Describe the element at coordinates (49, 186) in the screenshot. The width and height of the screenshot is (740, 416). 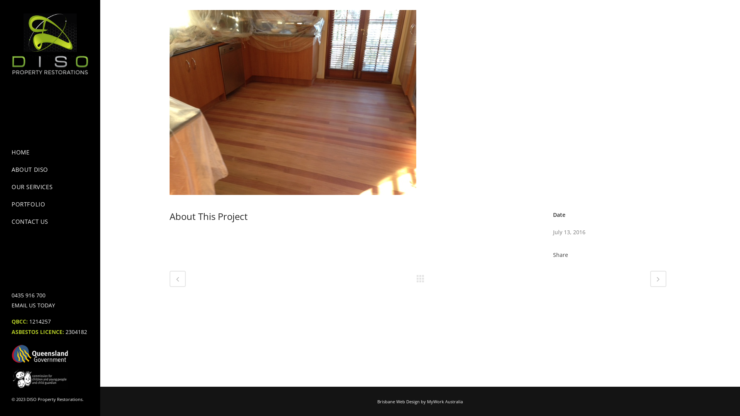
I see `'OUR SERVICES'` at that location.